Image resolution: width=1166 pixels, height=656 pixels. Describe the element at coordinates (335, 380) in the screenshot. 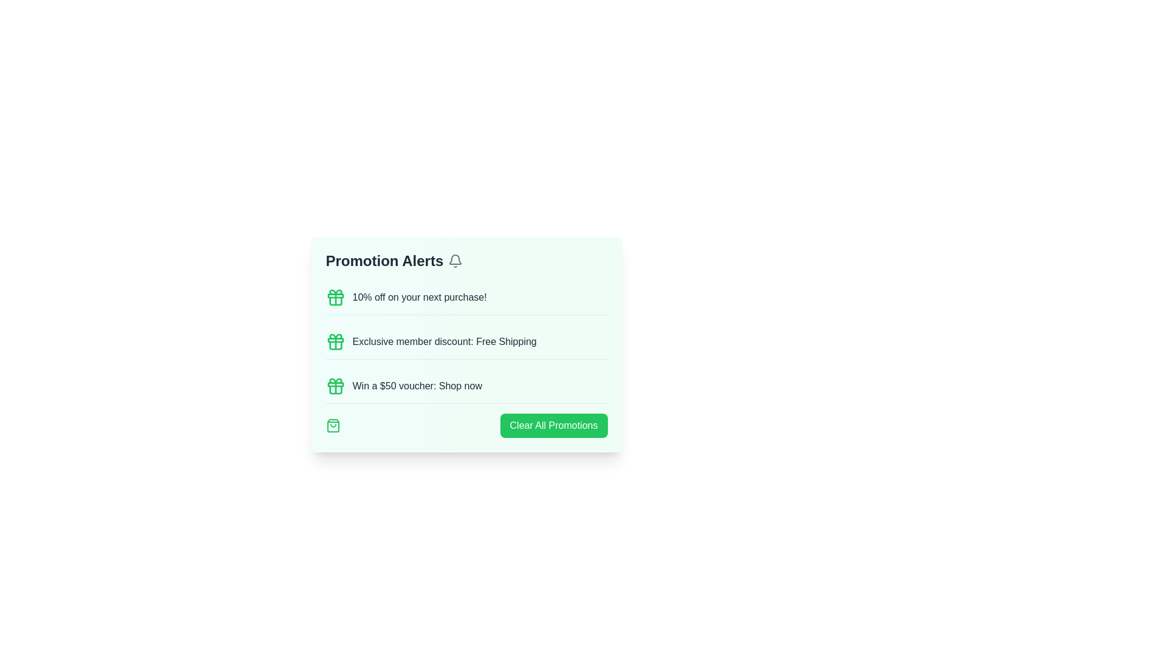

I see `the Decorative Icon representing a gift or promotion, which is the third icon in the vertical list on the left side of the 'Promotion Alerts' panel` at that location.